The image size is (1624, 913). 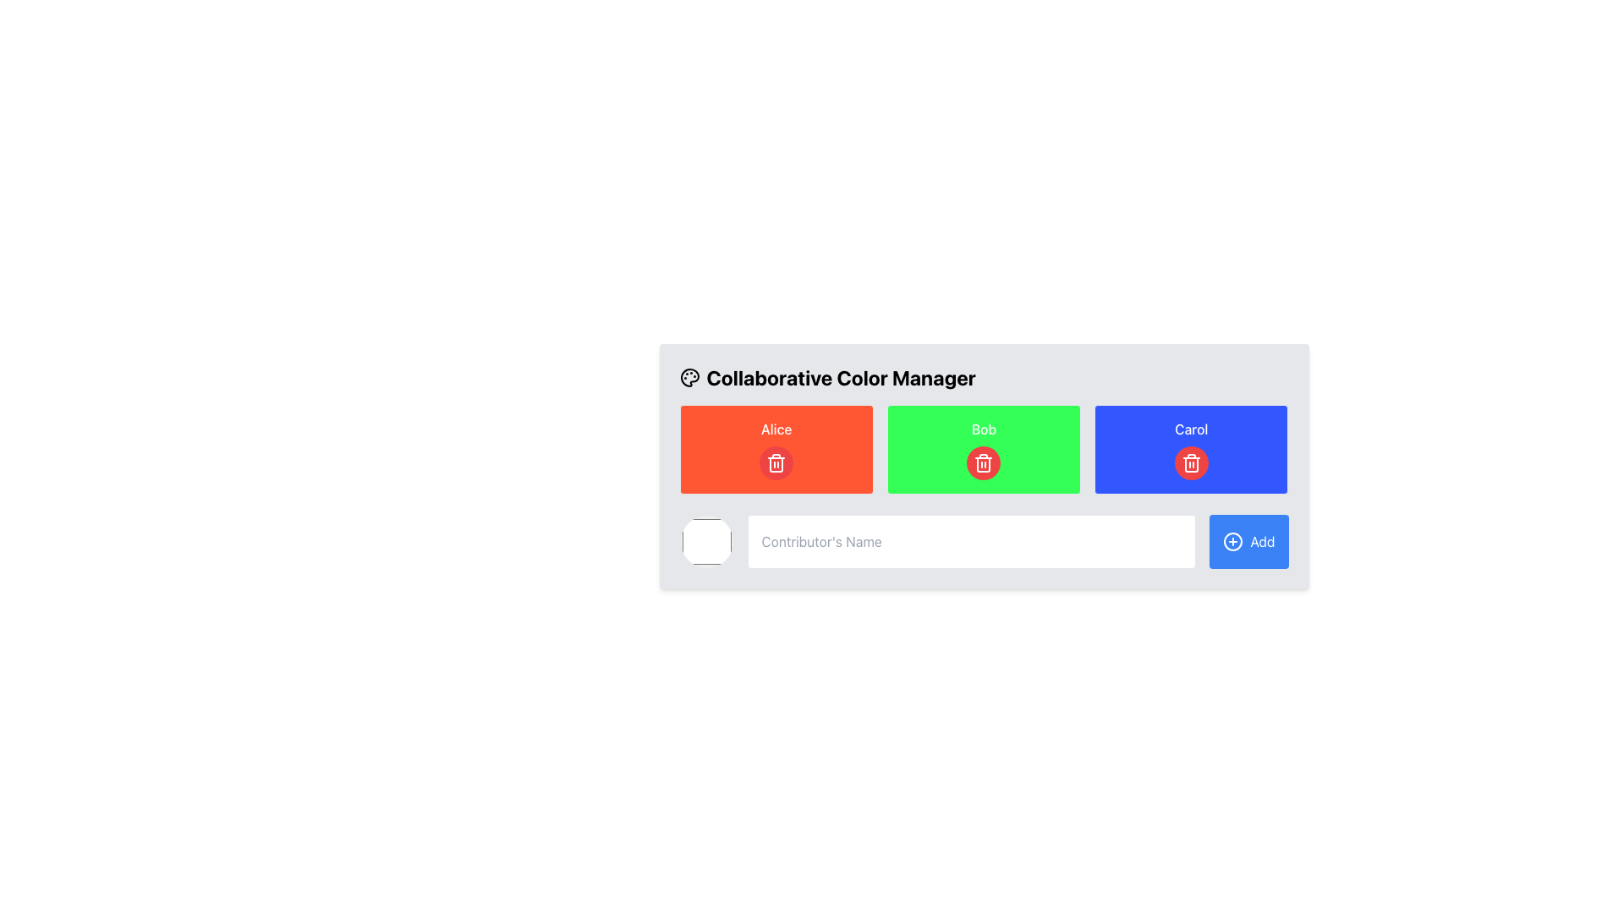 What do you see at coordinates (689, 377) in the screenshot?
I see `the circular shape of the Graphical Icon Component that is part of the palette icon, located near the center of the palette and to the left of the 'Collaborative Color Manager' label` at bounding box center [689, 377].